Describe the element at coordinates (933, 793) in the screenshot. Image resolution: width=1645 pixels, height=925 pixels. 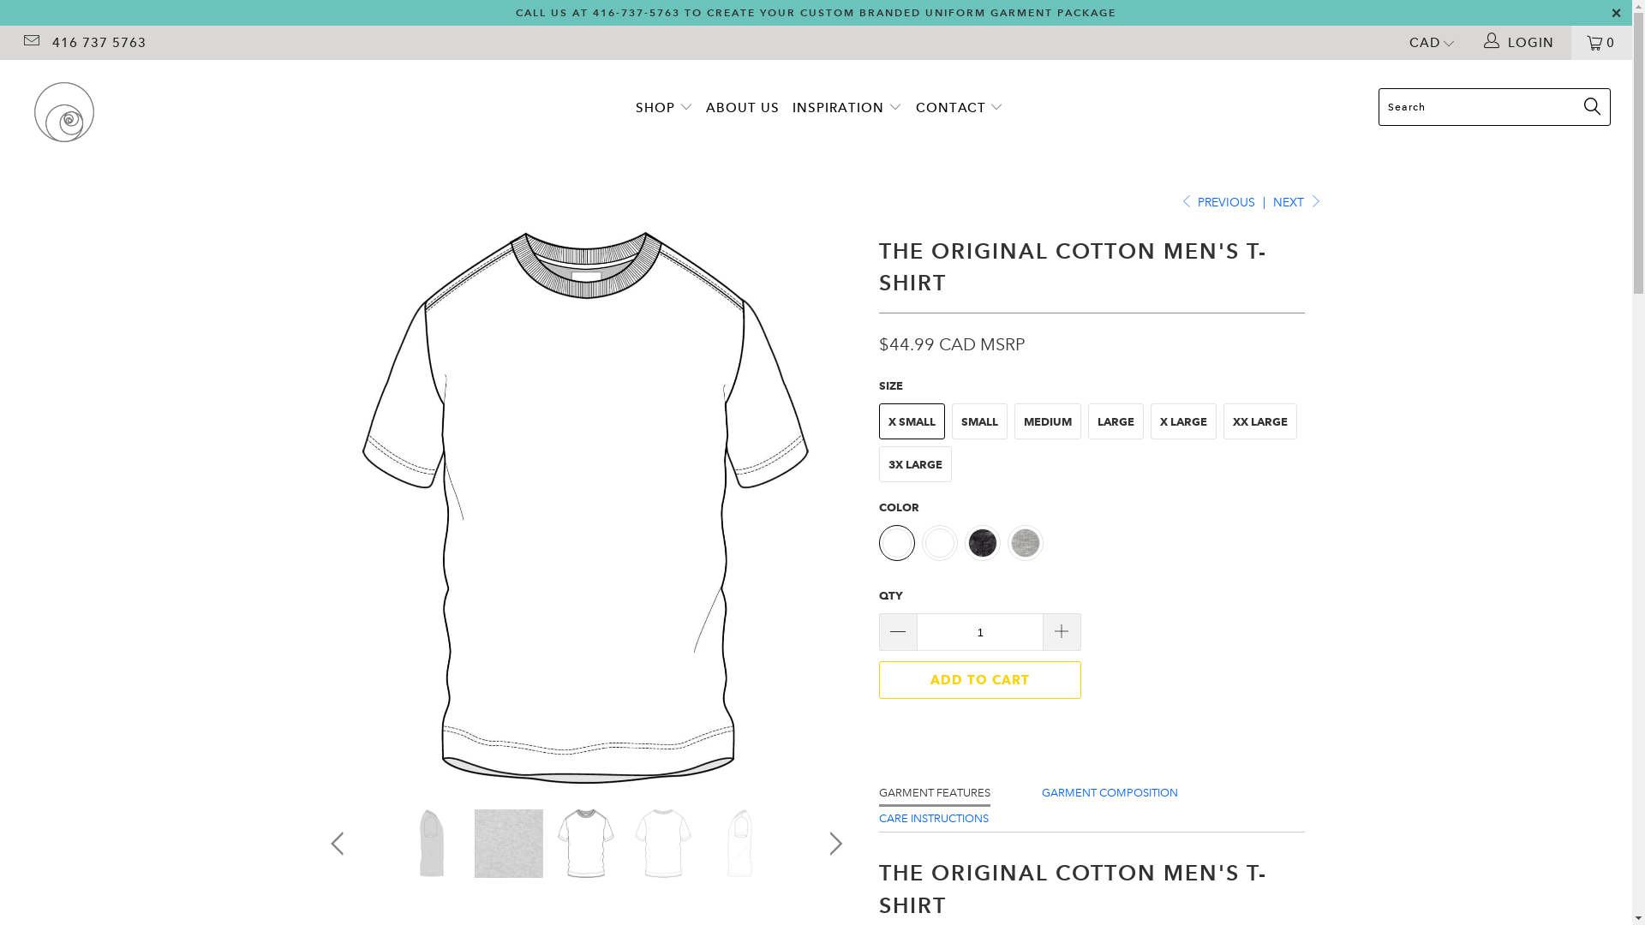
I see `'GARMENT FEATURES'` at that location.